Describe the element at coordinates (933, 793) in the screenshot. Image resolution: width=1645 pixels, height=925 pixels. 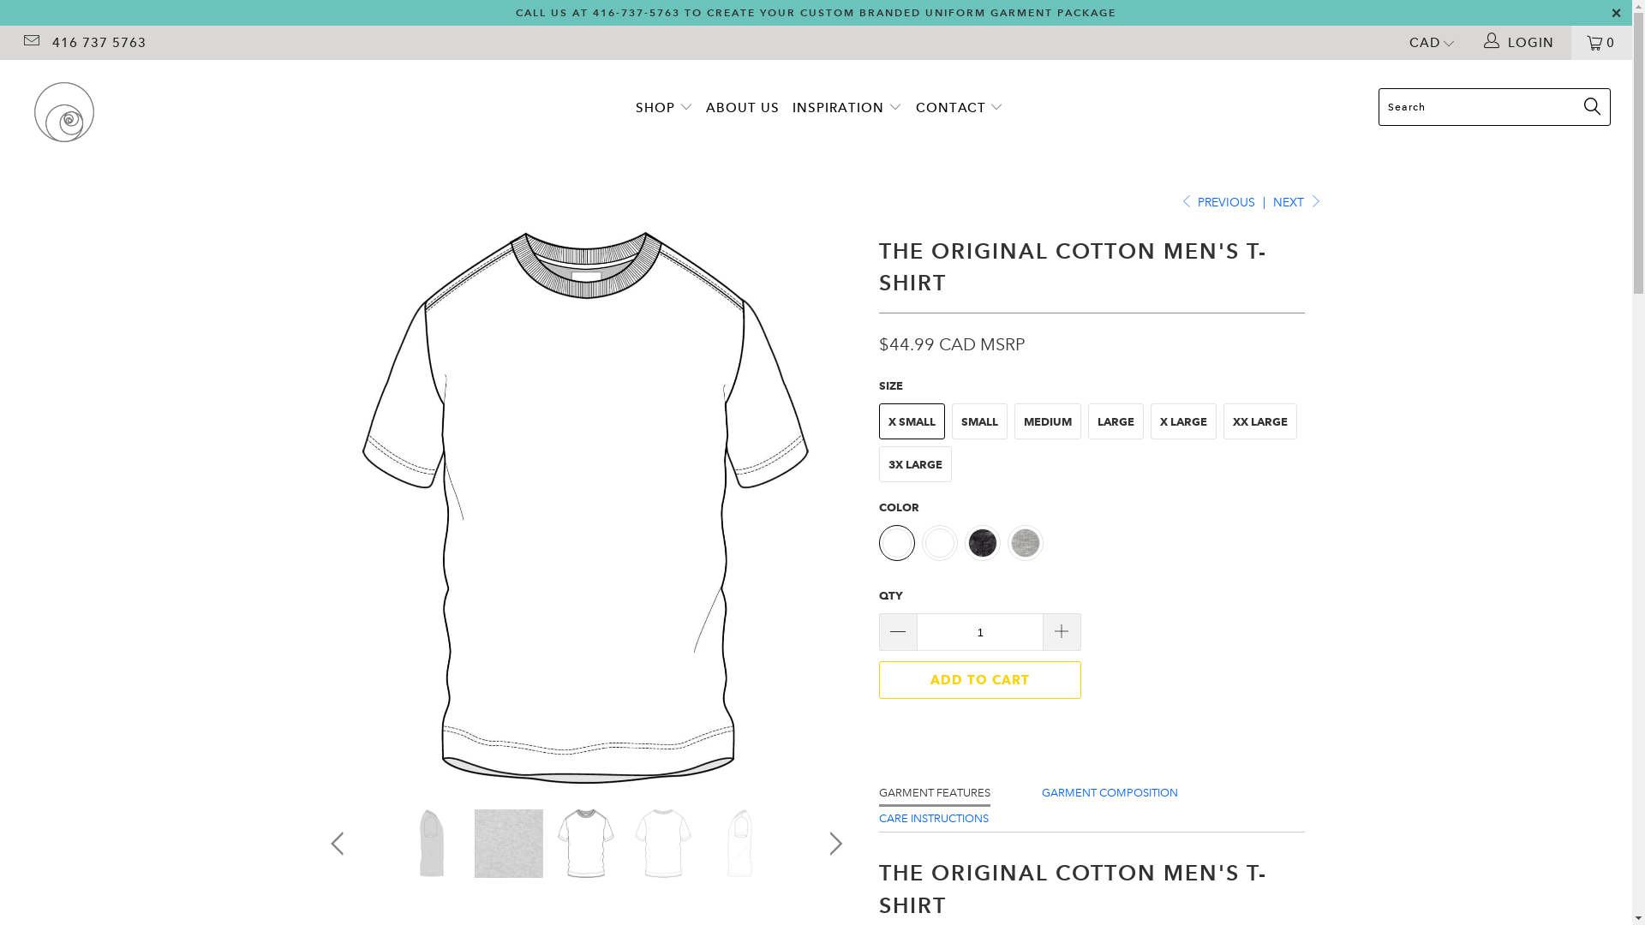
I see `'GARMENT FEATURES'` at that location.